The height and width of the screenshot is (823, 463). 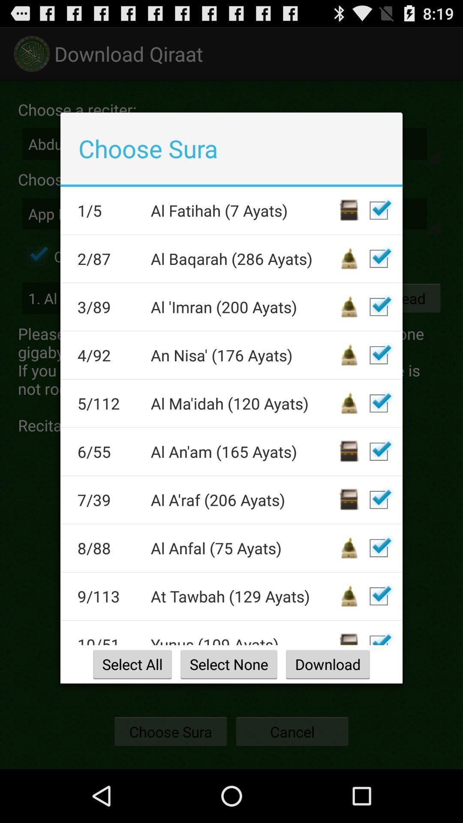 I want to click on a sura, so click(x=378, y=451).